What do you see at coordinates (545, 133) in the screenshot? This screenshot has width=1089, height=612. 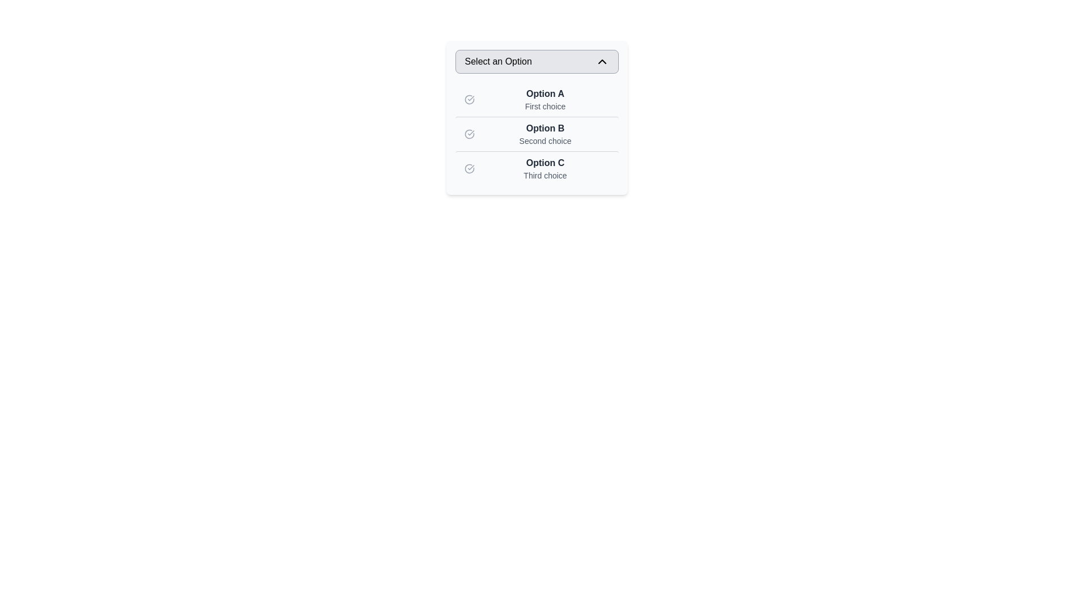 I see `the Selectable List Option labeled 'Option B' which is the second item in the dropdown menu below 'Select an Option'` at bounding box center [545, 133].